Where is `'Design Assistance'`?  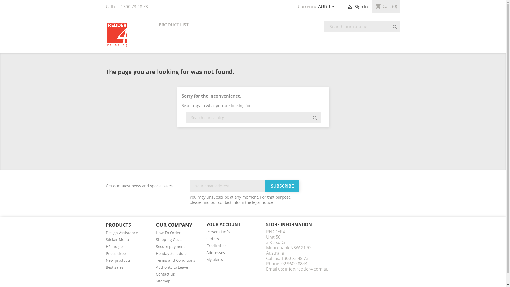 'Design Assistance' is located at coordinates (106, 232).